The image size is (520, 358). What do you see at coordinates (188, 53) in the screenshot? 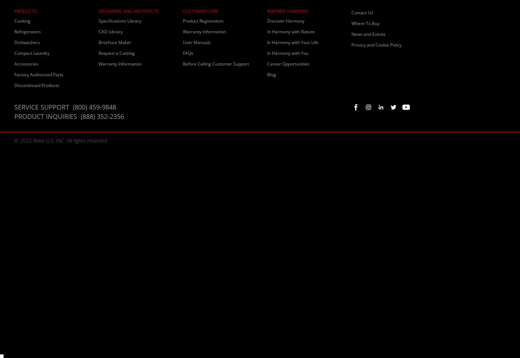
I see `'FAQs'` at bounding box center [188, 53].